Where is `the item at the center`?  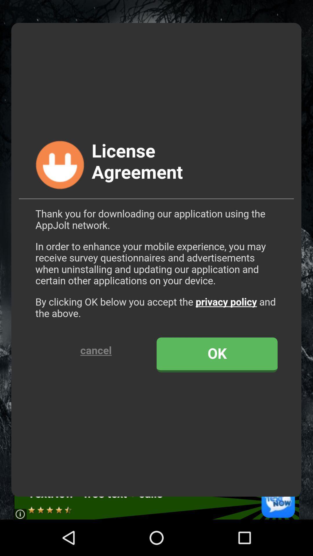 the item at the center is located at coordinates (156, 259).